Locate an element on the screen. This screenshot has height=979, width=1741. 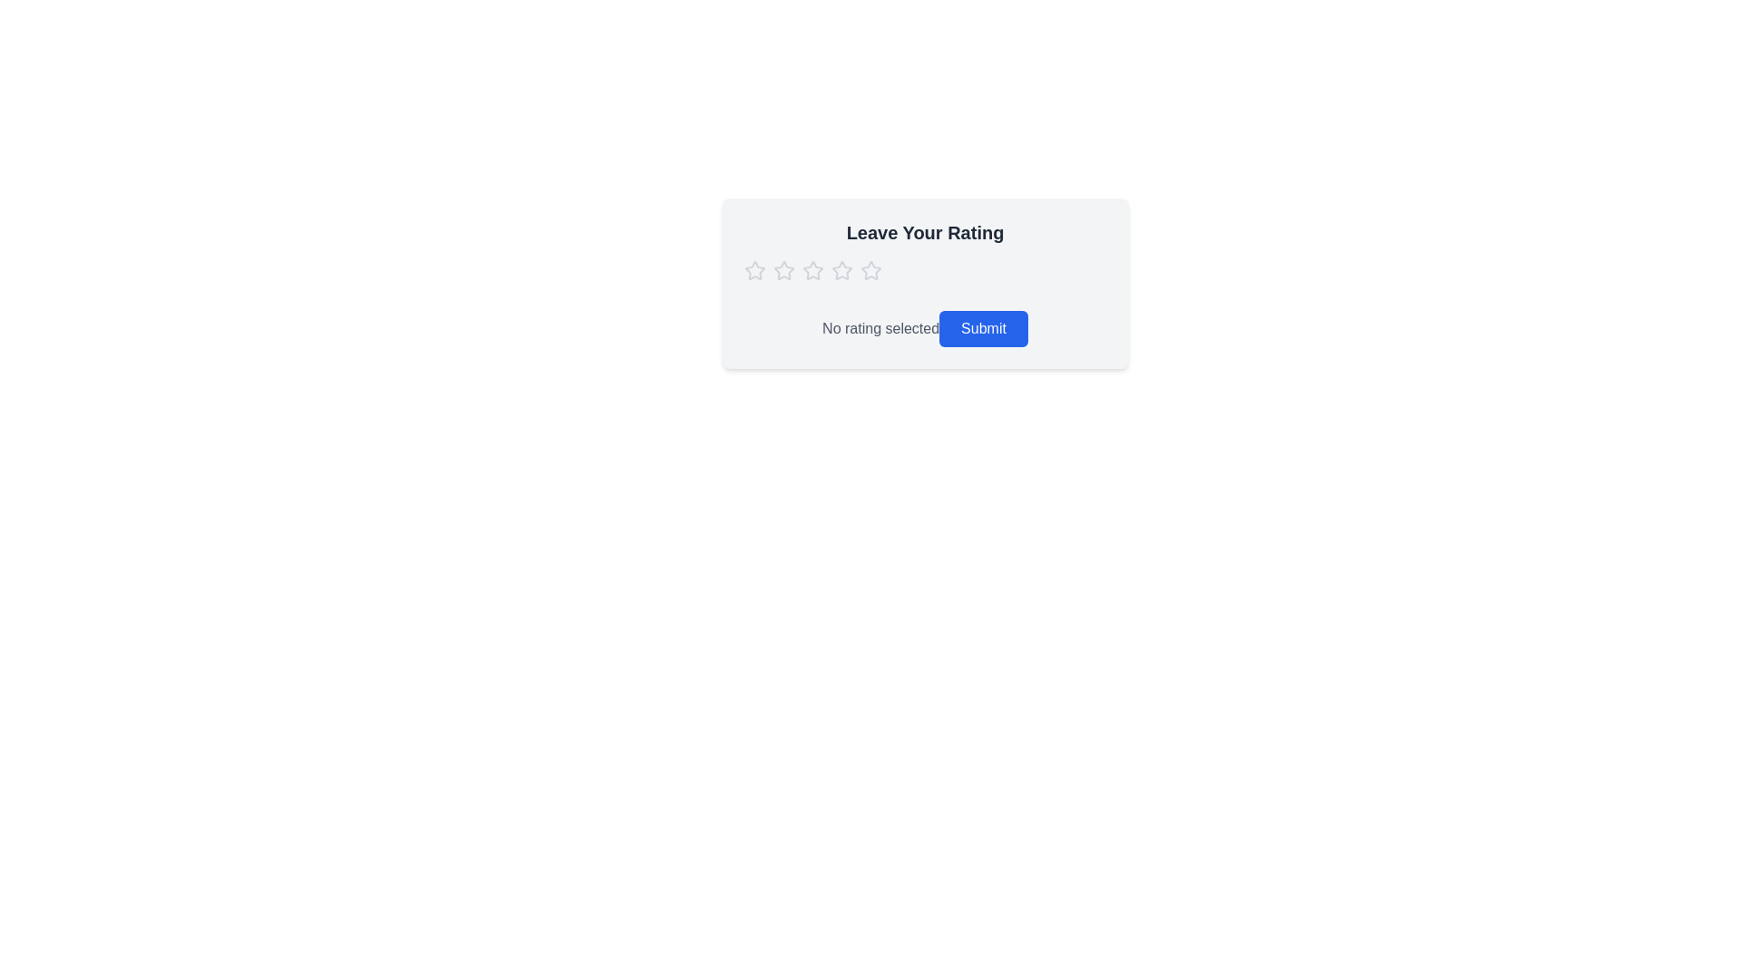
the second star is located at coordinates (812, 269).